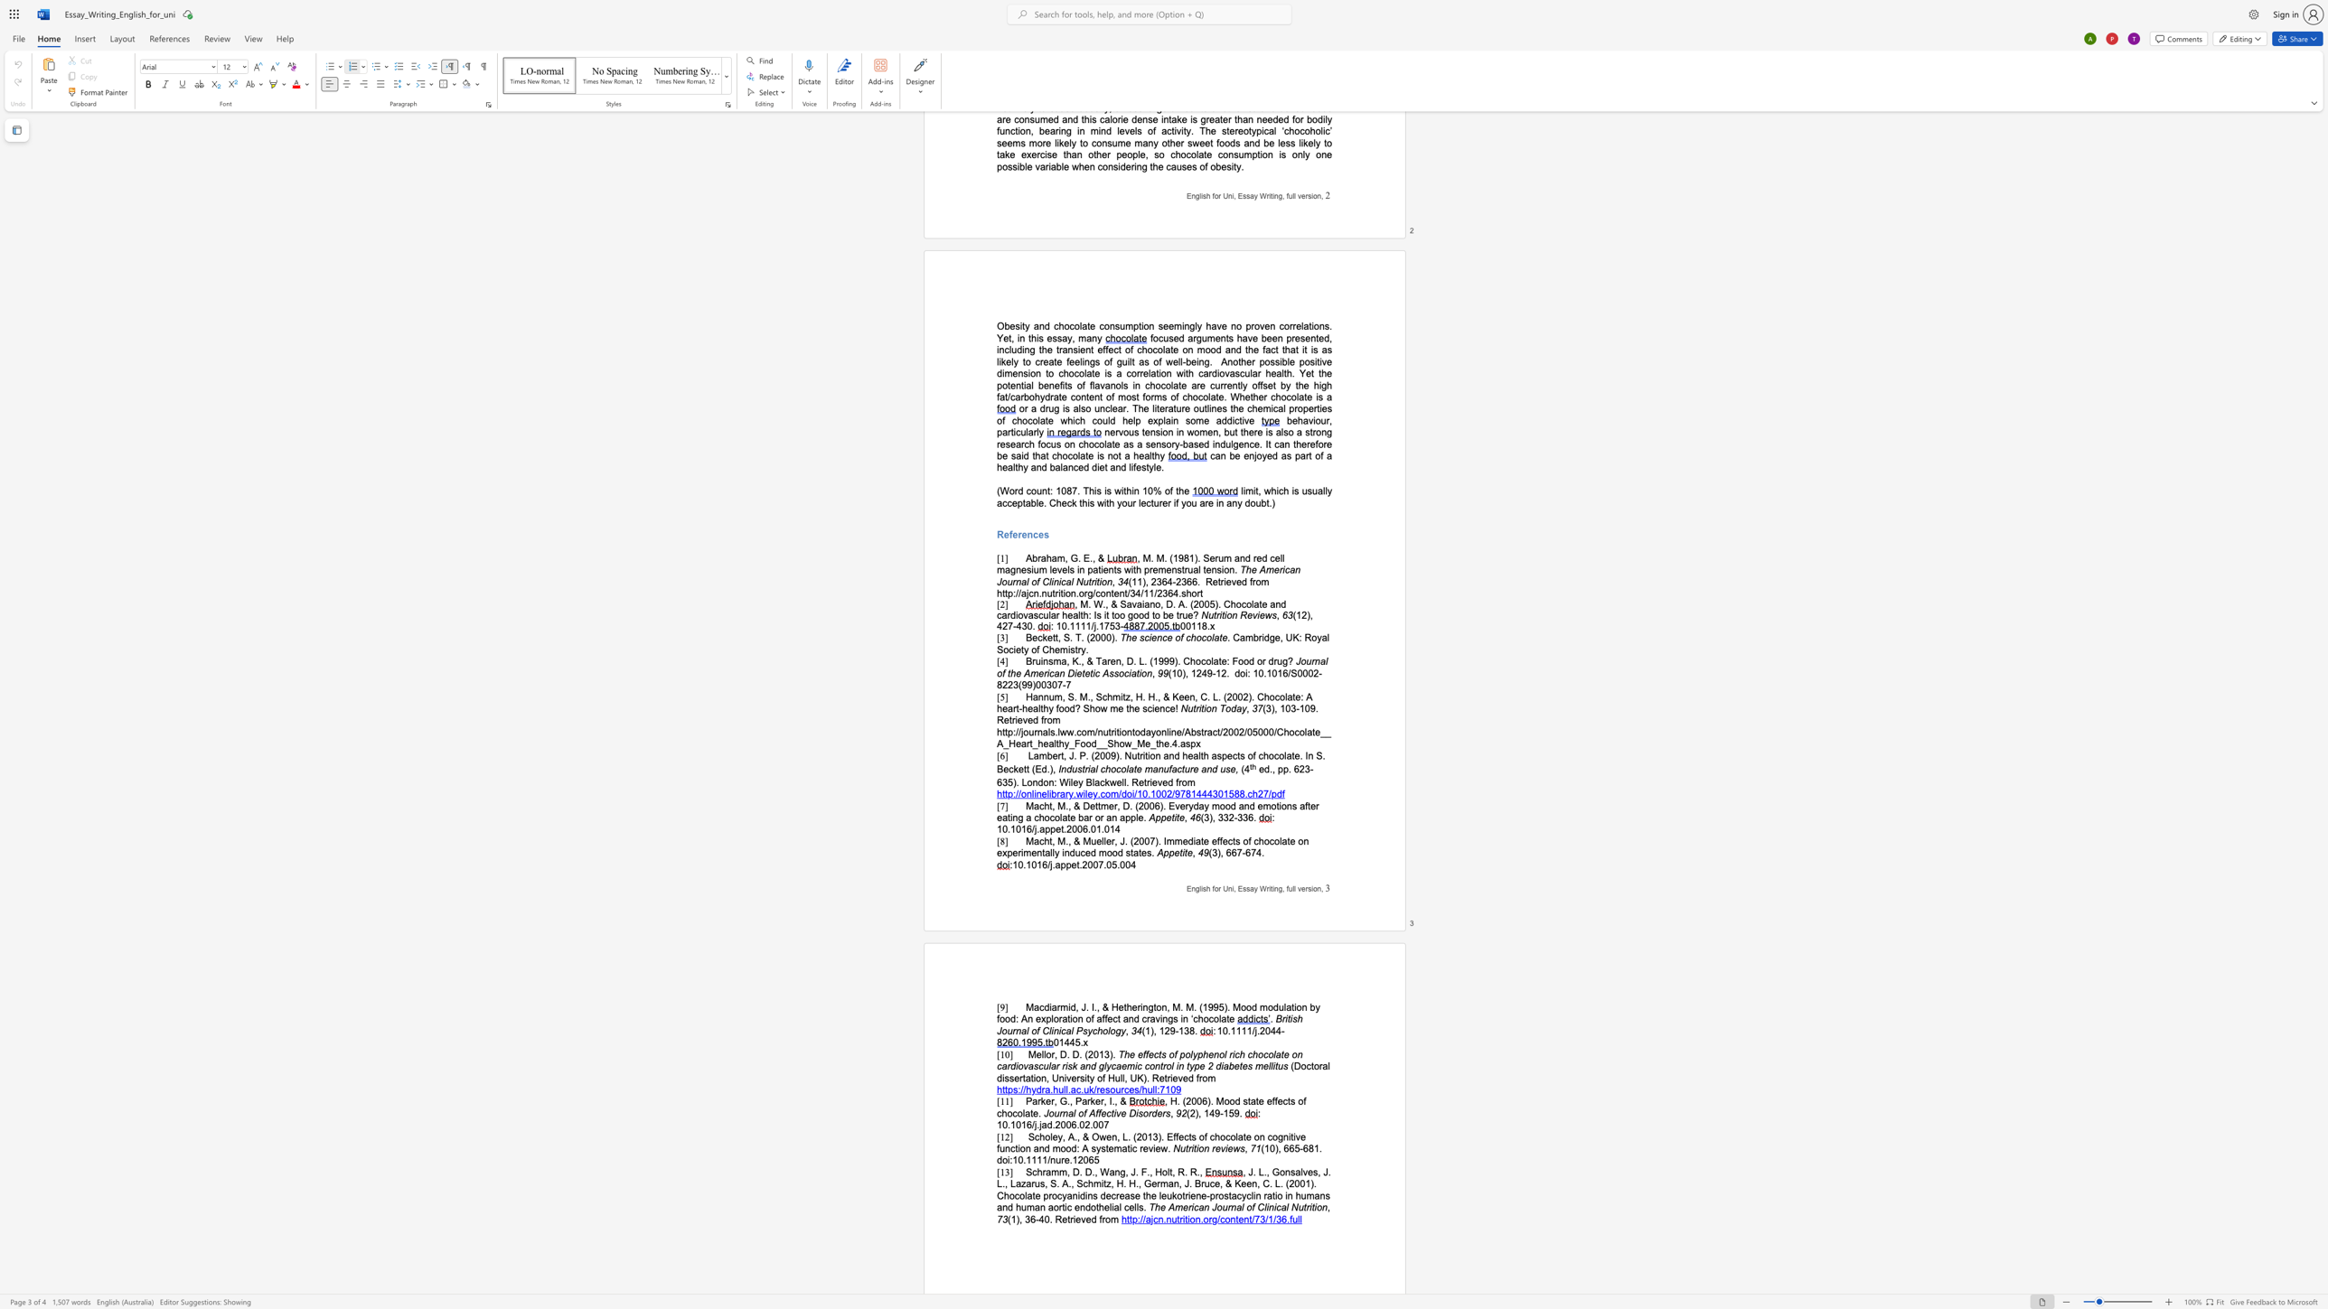  What do you see at coordinates (1216, 695) in the screenshot?
I see `the space between the continuous character "L" and "." in the text` at bounding box center [1216, 695].